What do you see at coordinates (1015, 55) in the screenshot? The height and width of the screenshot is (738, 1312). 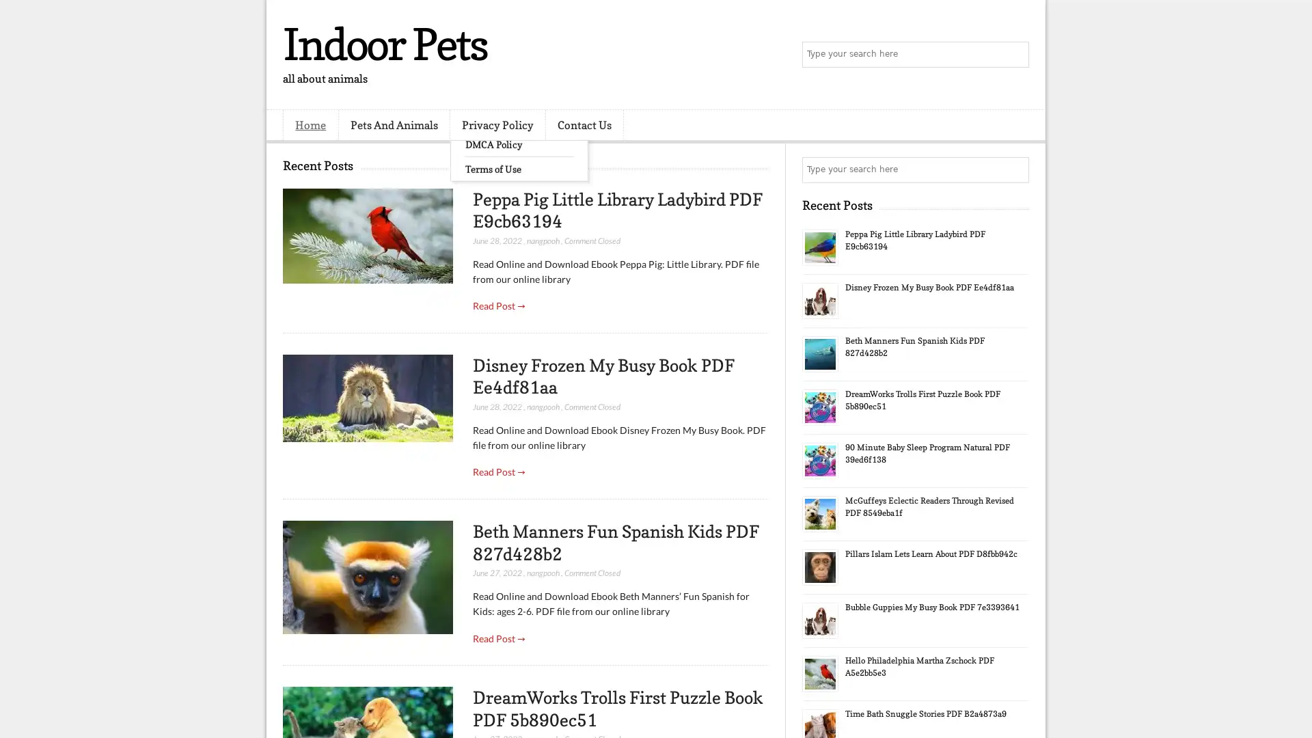 I see `Search` at bounding box center [1015, 55].